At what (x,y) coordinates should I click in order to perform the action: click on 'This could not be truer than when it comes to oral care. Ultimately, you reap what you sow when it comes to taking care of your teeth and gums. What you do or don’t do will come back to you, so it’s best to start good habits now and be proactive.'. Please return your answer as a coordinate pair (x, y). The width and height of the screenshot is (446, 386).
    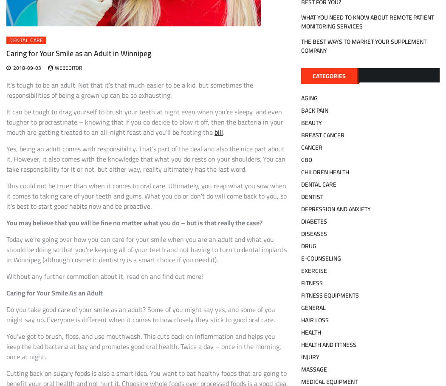
    Looking at the image, I should click on (146, 195).